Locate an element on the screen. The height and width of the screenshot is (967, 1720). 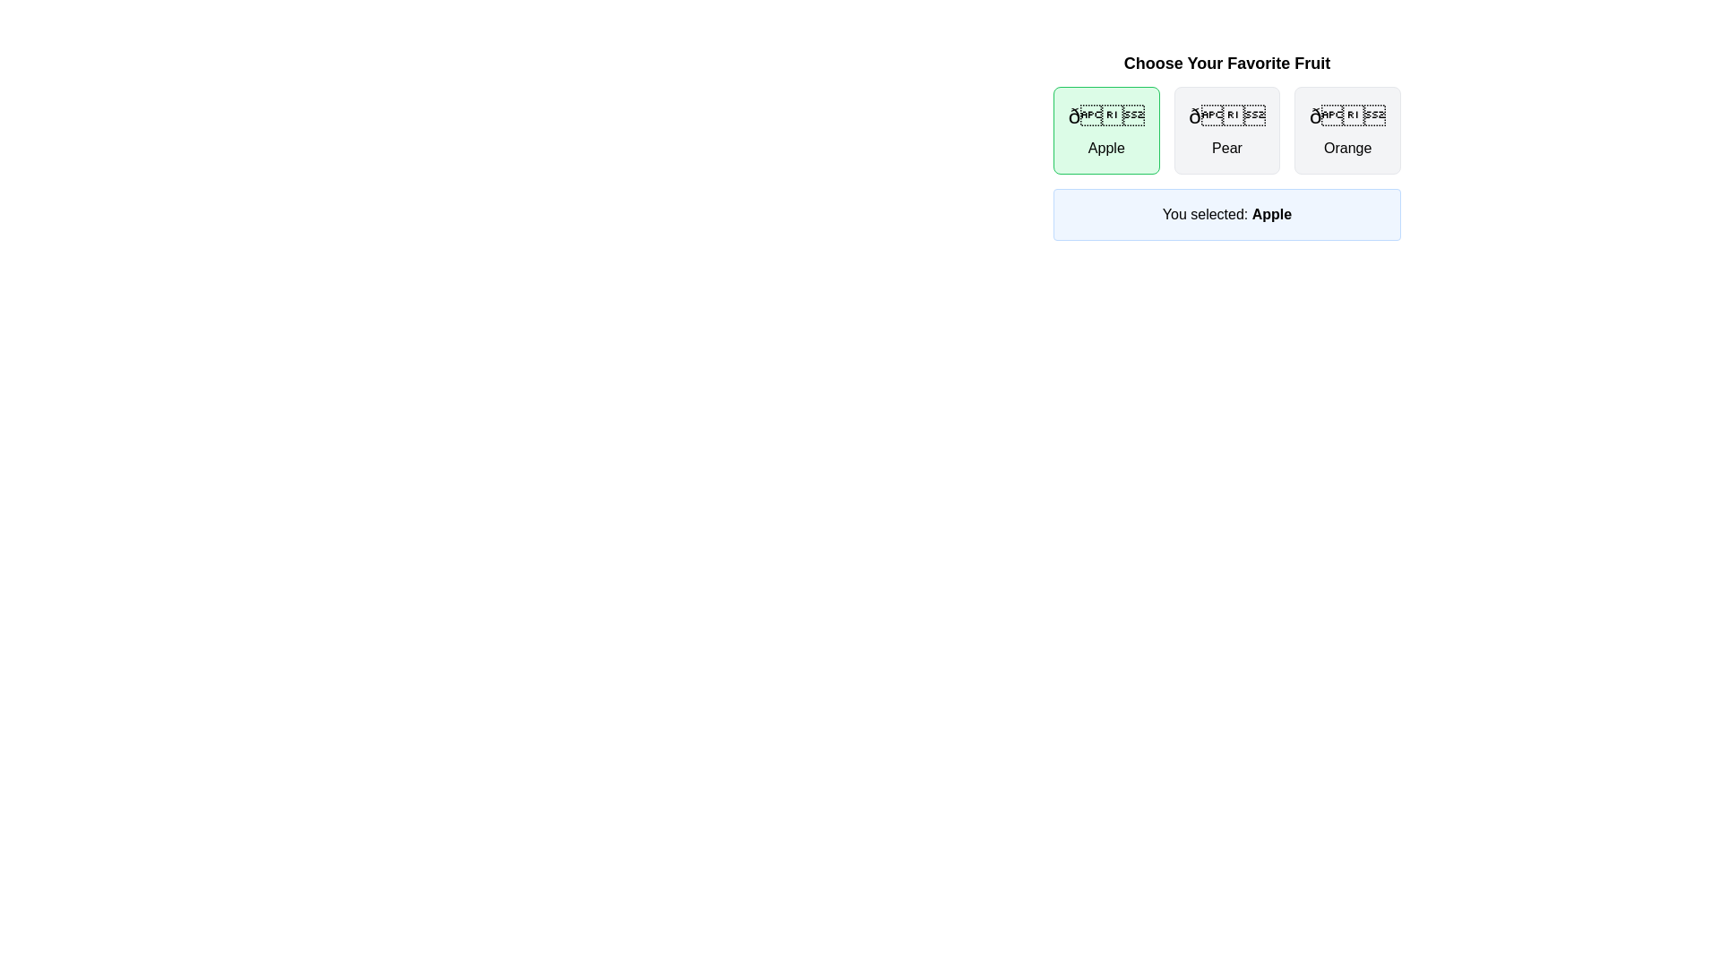
the interactive card in the voting interface is located at coordinates (1225, 130).